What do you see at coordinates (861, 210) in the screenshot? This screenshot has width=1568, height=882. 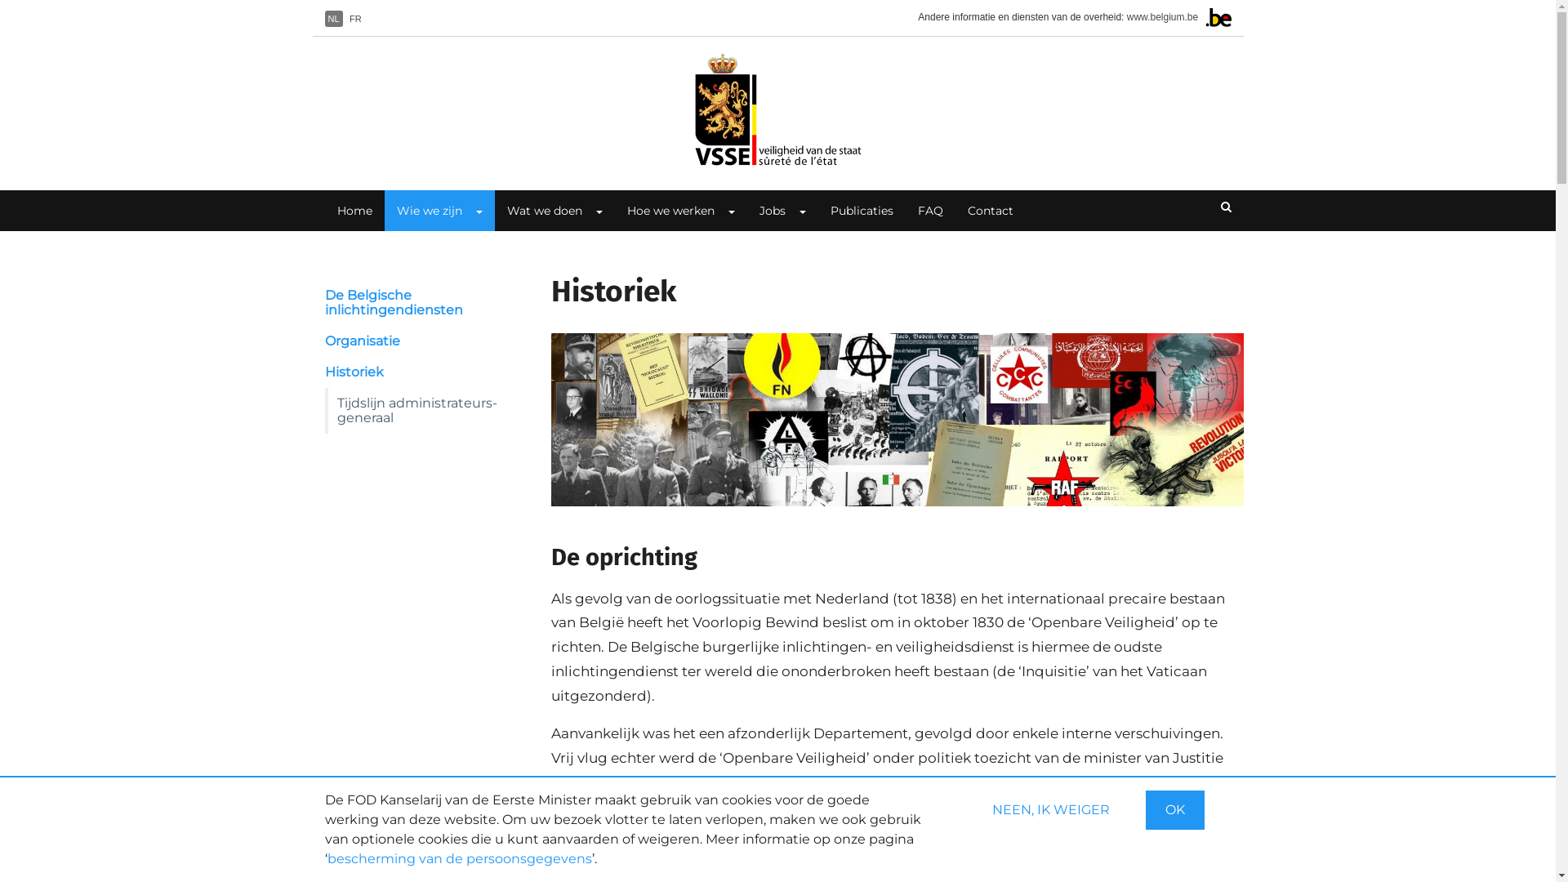 I see `'Publicaties'` at bounding box center [861, 210].